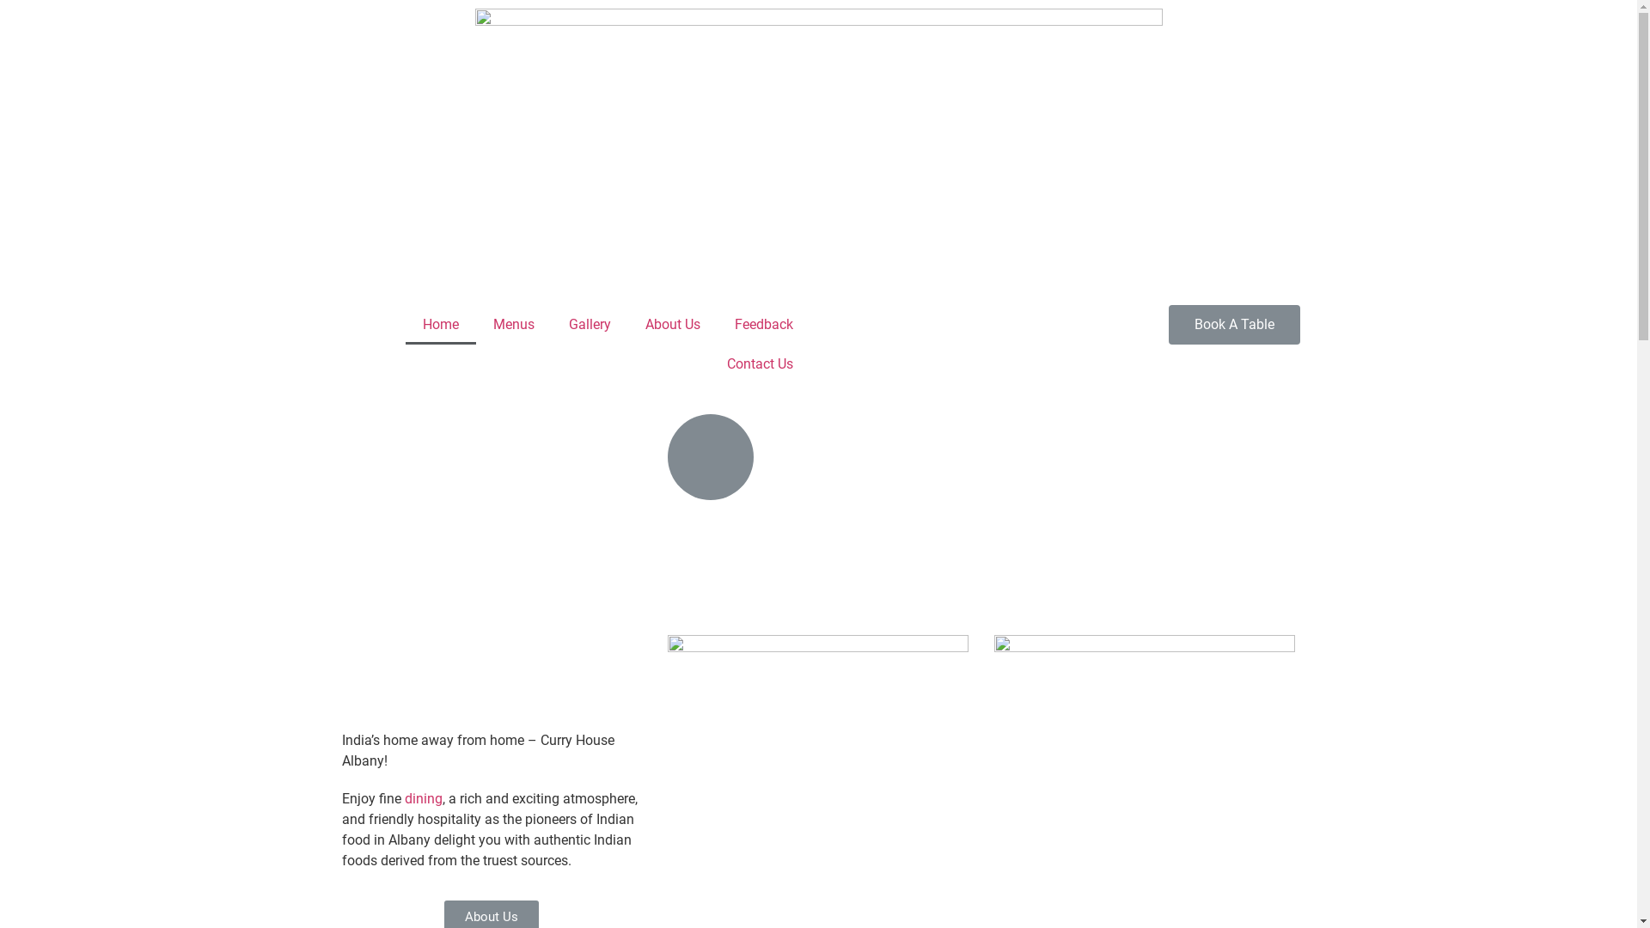  Describe the element at coordinates (422, 798) in the screenshot. I see `'dining'` at that location.